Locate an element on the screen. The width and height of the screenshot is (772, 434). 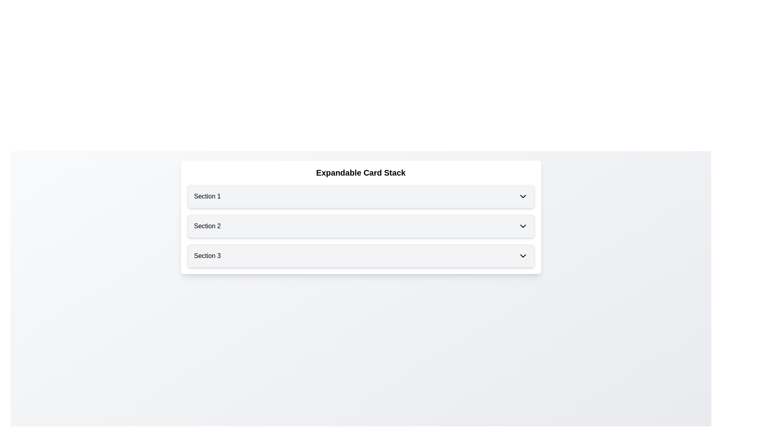
the 'Section 3' button with a light gray background and downward-pointing arrow is located at coordinates (360, 256).